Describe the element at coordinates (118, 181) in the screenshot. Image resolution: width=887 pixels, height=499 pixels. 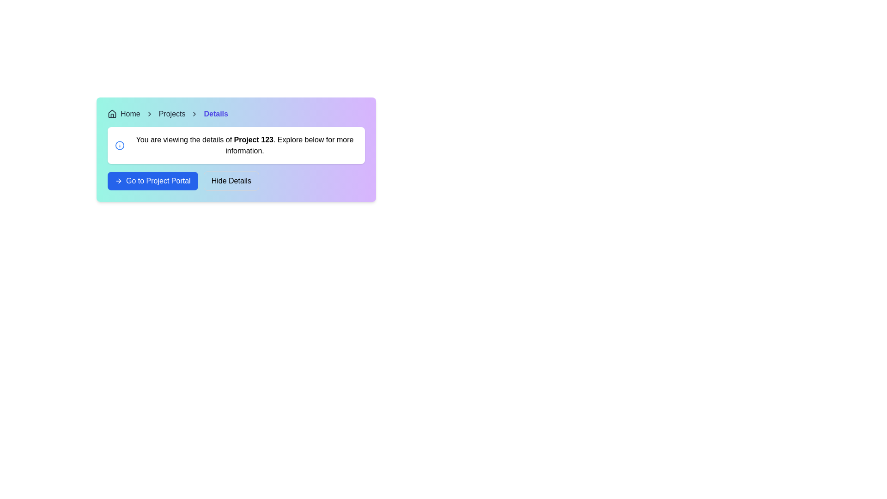
I see `the SVG-based icon within the 'Go to Project Portal' button located in the lower-left section of the interface` at that location.